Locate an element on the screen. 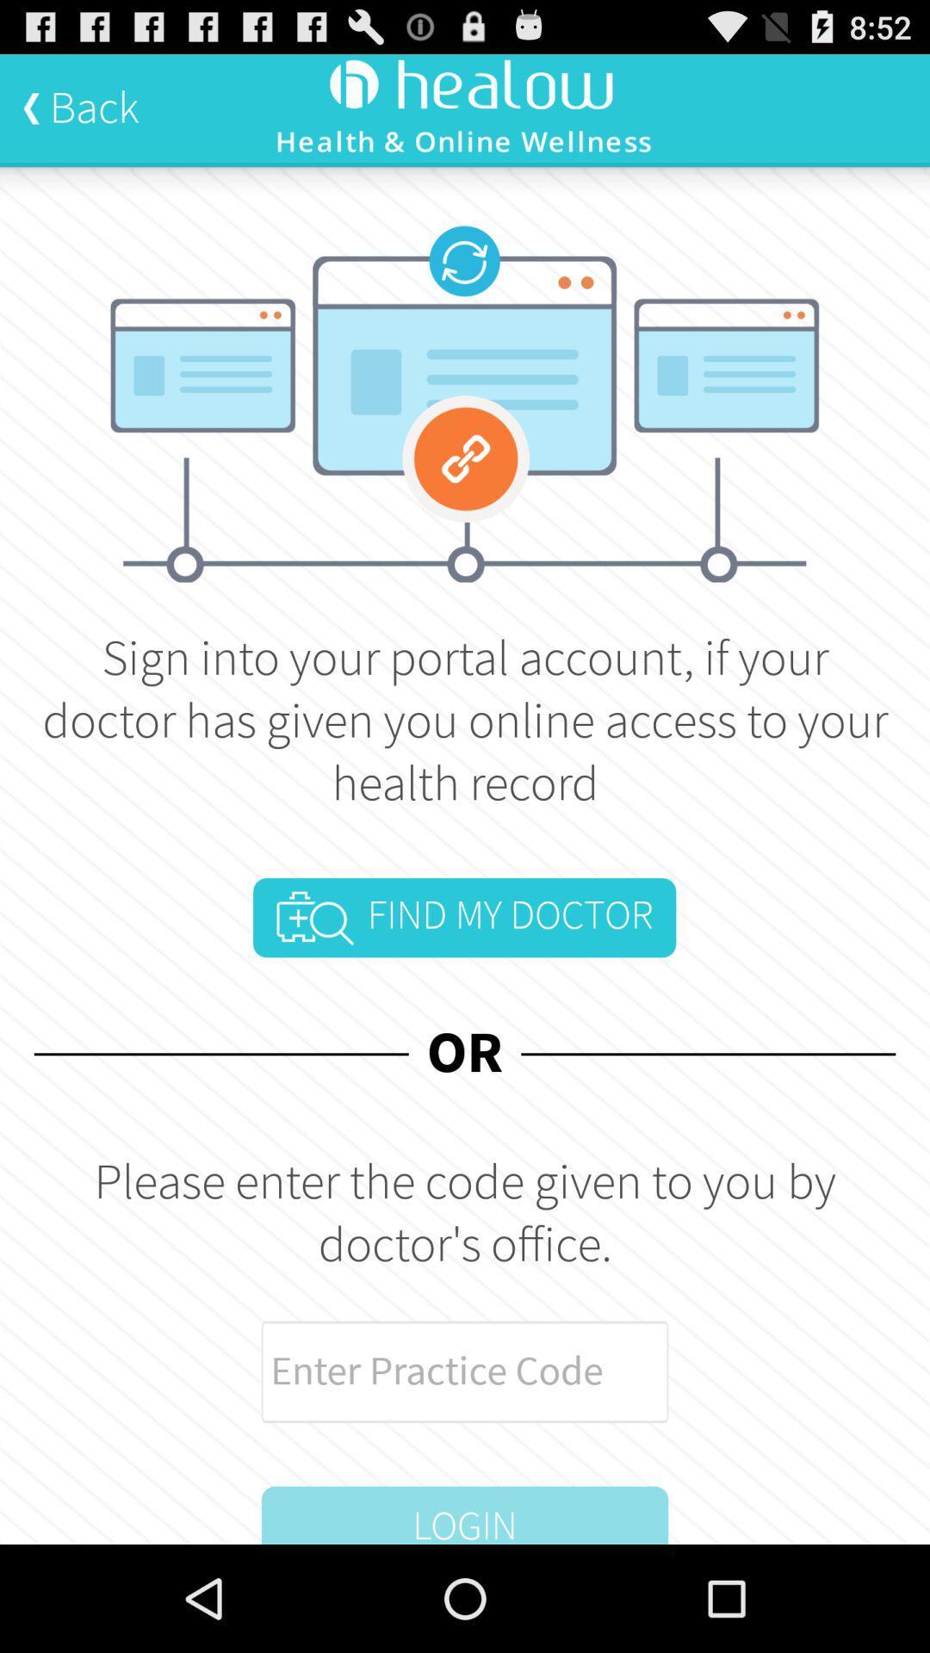 Image resolution: width=930 pixels, height=1653 pixels. back at the top left corner is located at coordinates (80, 107).